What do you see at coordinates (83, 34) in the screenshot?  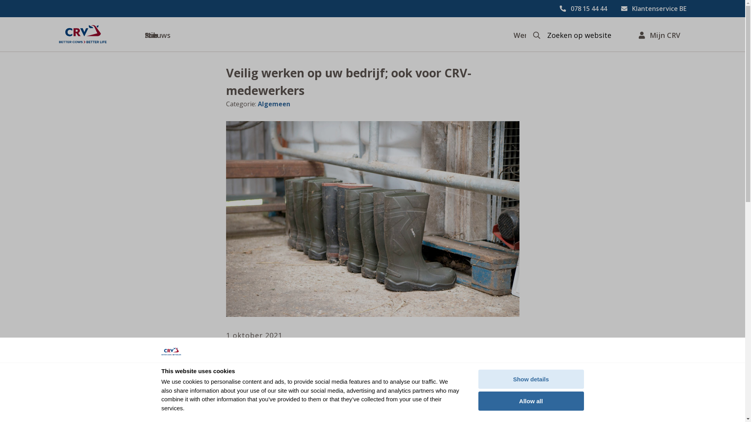 I see `'Home'` at bounding box center [83, 34].